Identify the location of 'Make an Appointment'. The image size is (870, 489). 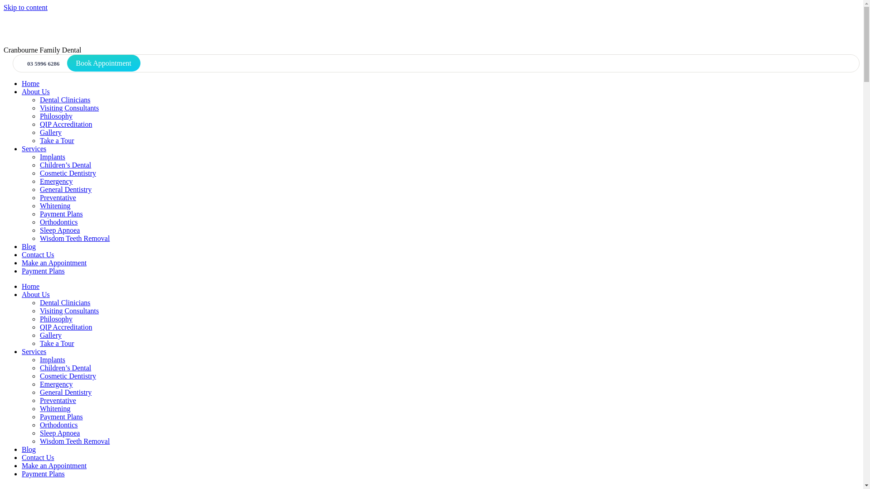
(22, 465).